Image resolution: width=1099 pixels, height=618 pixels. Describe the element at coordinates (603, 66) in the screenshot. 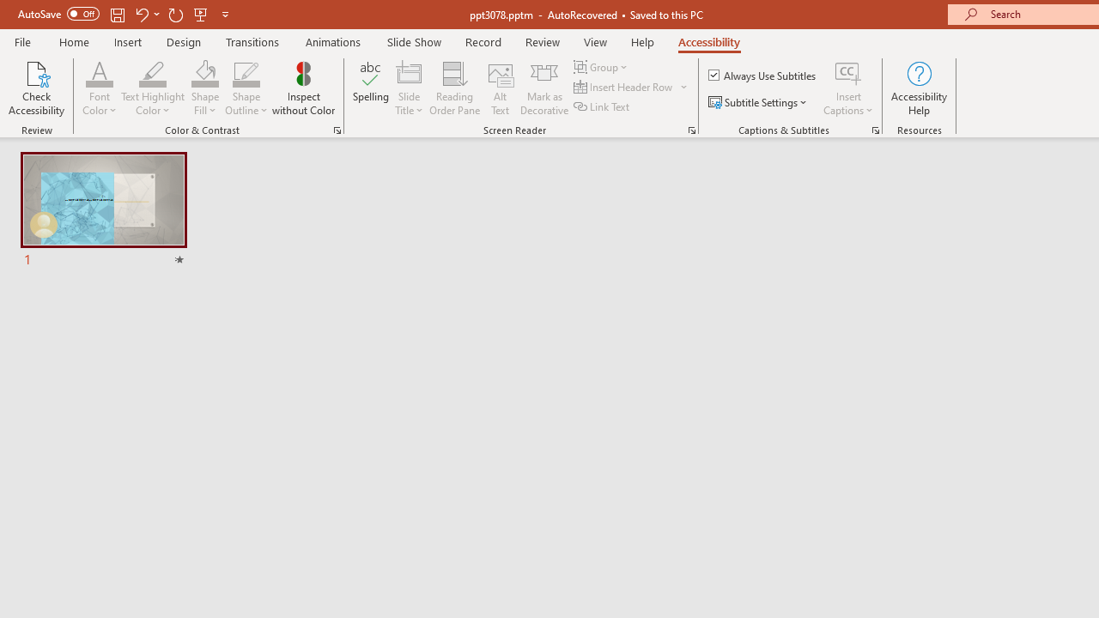

I see `'Group'` at that location.